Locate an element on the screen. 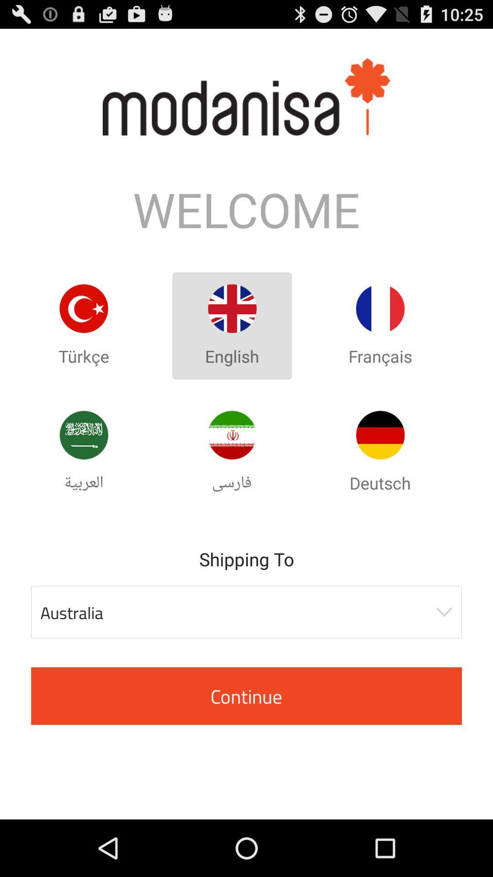 The height and width of the screenshot is (877, 493). set the language as deutsch is located at coordinates (380, 434).